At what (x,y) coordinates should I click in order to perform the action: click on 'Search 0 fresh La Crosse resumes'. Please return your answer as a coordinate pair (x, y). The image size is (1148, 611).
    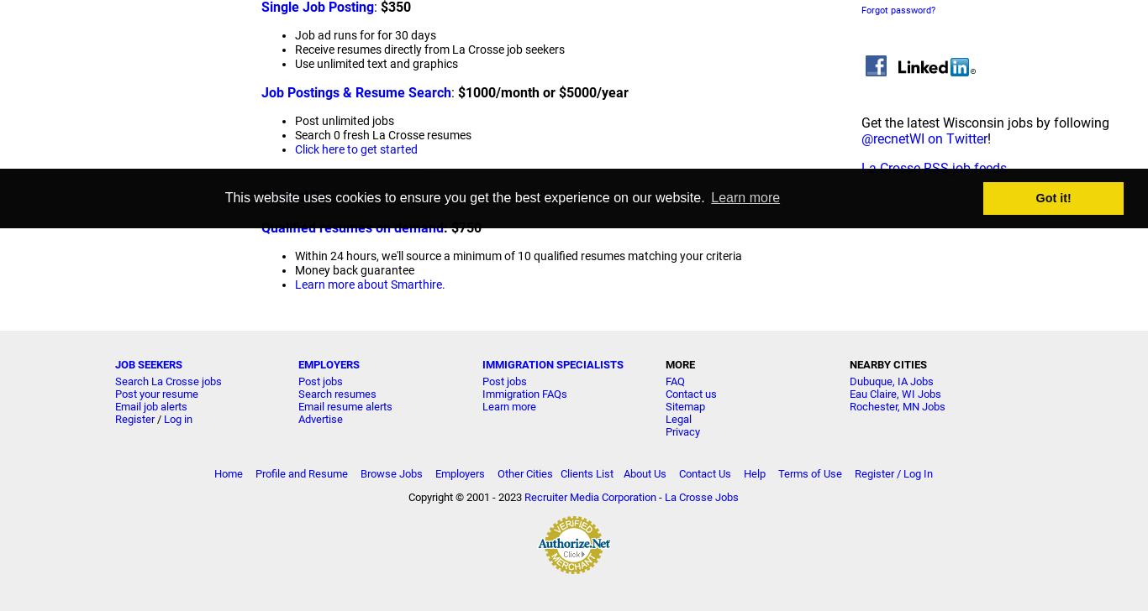
    Looking at the image, I should click on (382, 135).